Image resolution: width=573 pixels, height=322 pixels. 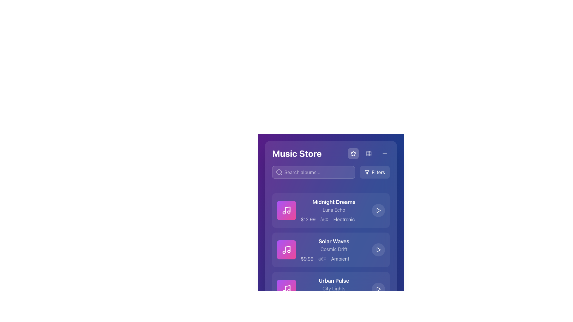 What do you see at coordinates (340, 258) in the screenshot?
I see `the 'Ambient' text label, which is displayed in pale white on a blue background, located beneath the 'Solar Waves' album entry and to the right of the '$9.99' price text` at bounding box center [340, 258].